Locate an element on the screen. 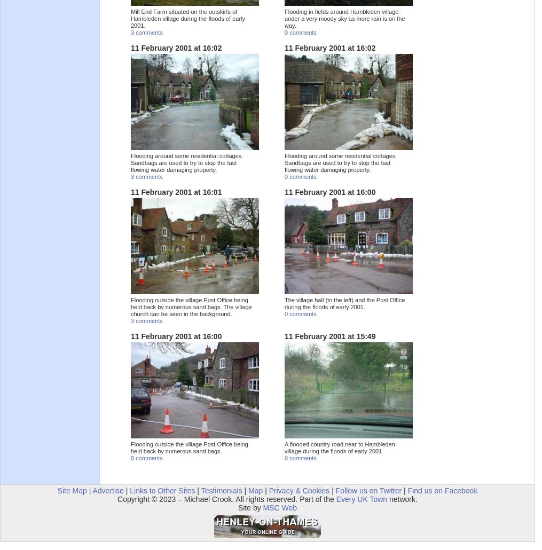  '11 February 2001 at 16:01' is located at coordinates (175, 192).